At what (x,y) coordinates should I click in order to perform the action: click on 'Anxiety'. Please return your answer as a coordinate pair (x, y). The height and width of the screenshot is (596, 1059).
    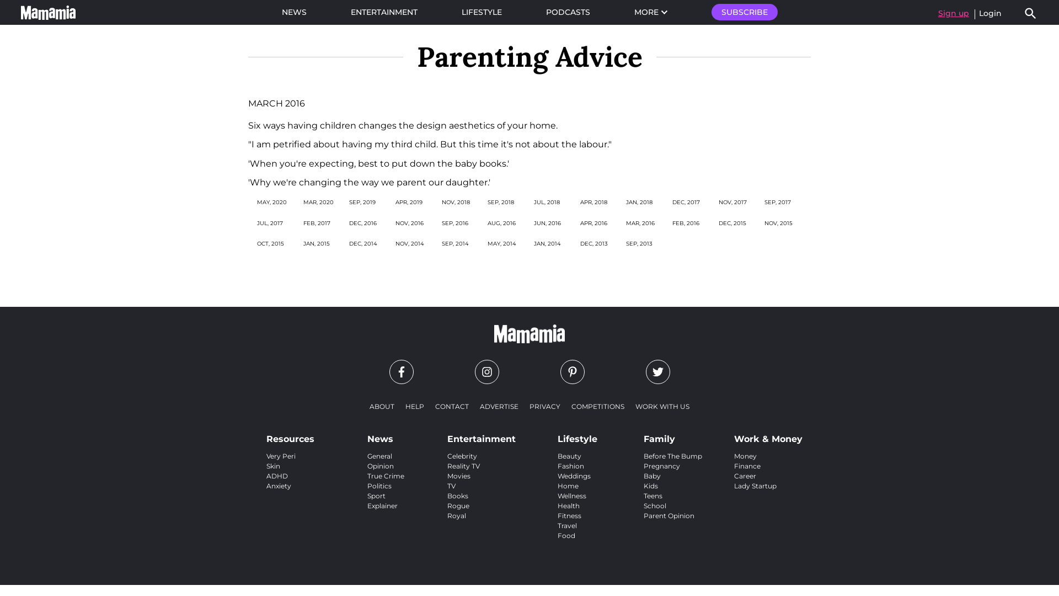
    Looking at the image, I should click on (279, 485).